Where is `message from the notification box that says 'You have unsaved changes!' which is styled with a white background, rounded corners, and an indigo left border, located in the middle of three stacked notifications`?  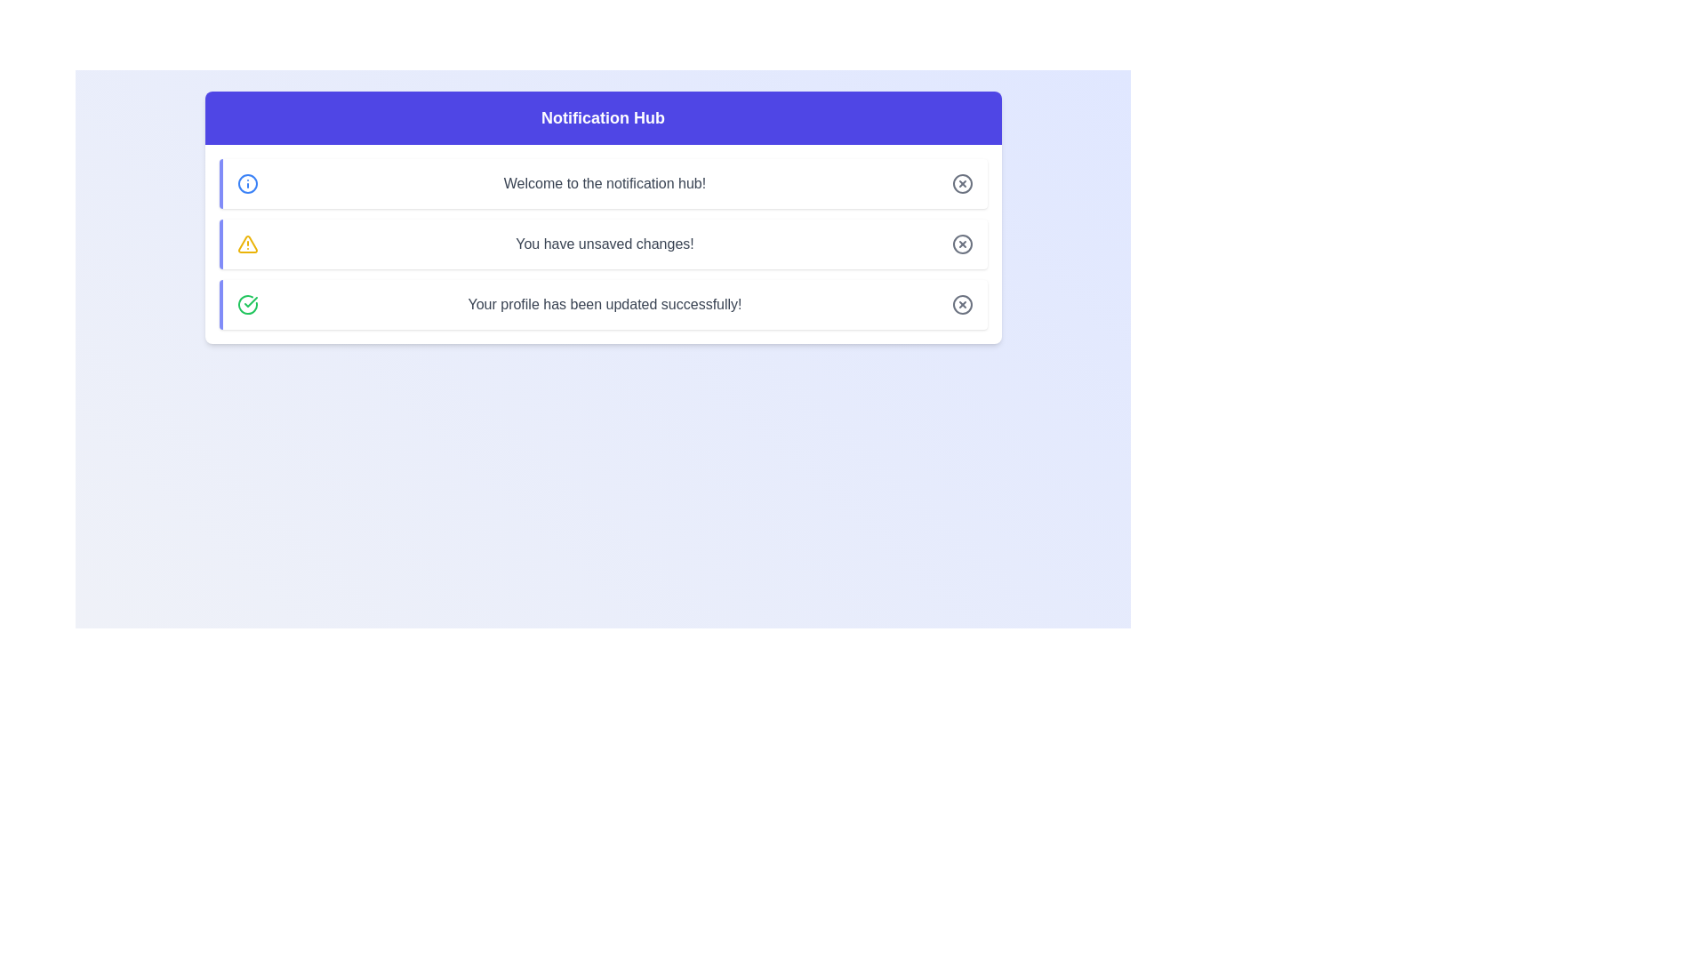
message from the notification box that says 'You have unsaved changes!' which is styled with a white background, rounded corners, and an indigo left border, located in the middle of three stacked notifications is located at coordinates (603, 244).